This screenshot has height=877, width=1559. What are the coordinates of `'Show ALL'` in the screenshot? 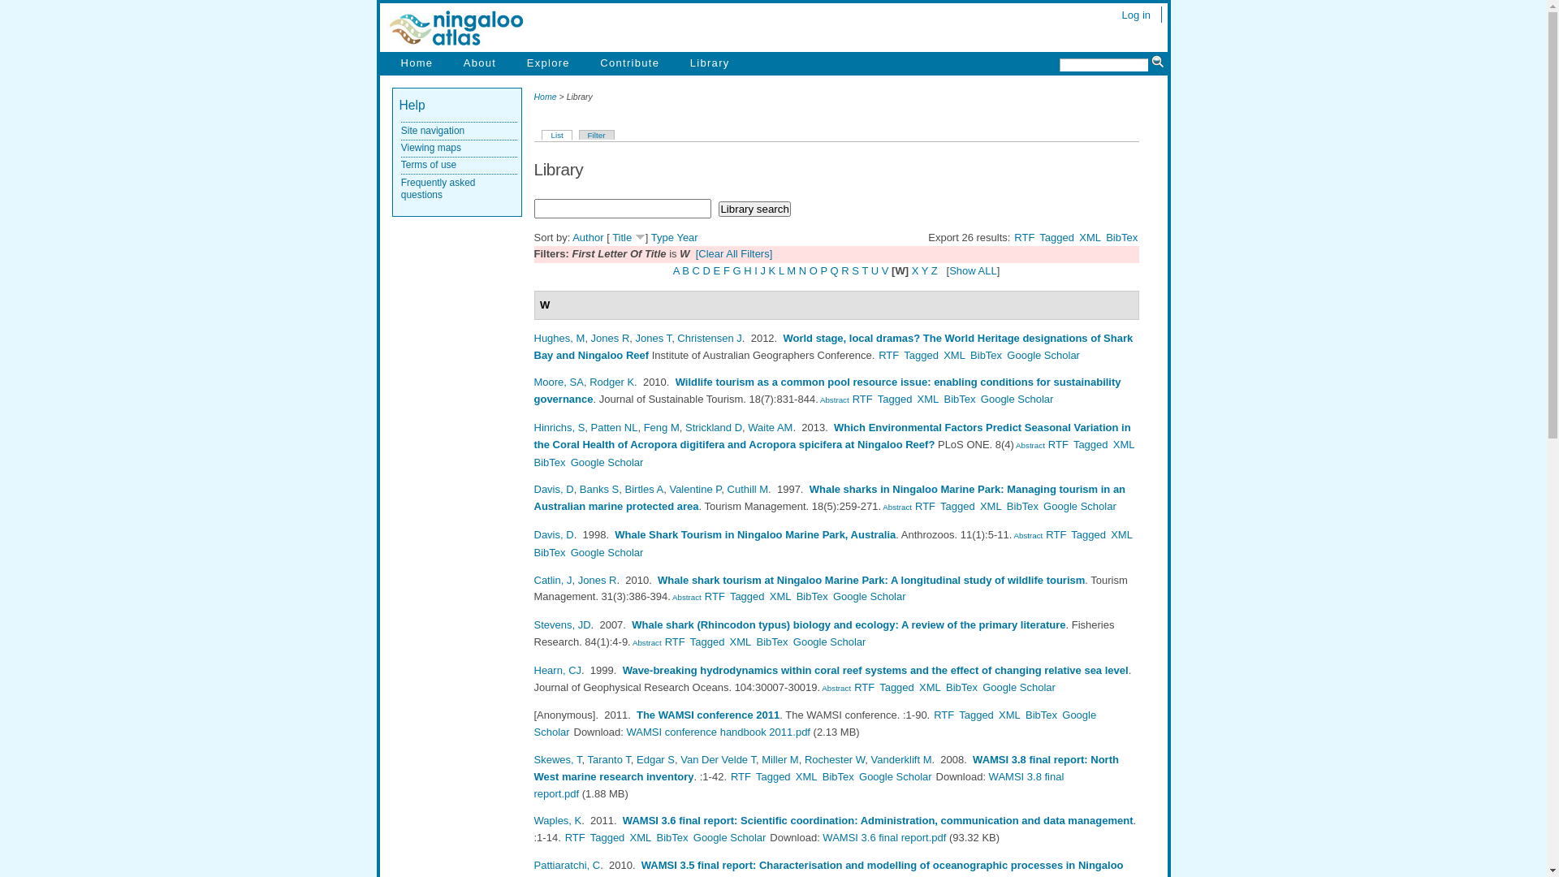 It's located at (973, 270).